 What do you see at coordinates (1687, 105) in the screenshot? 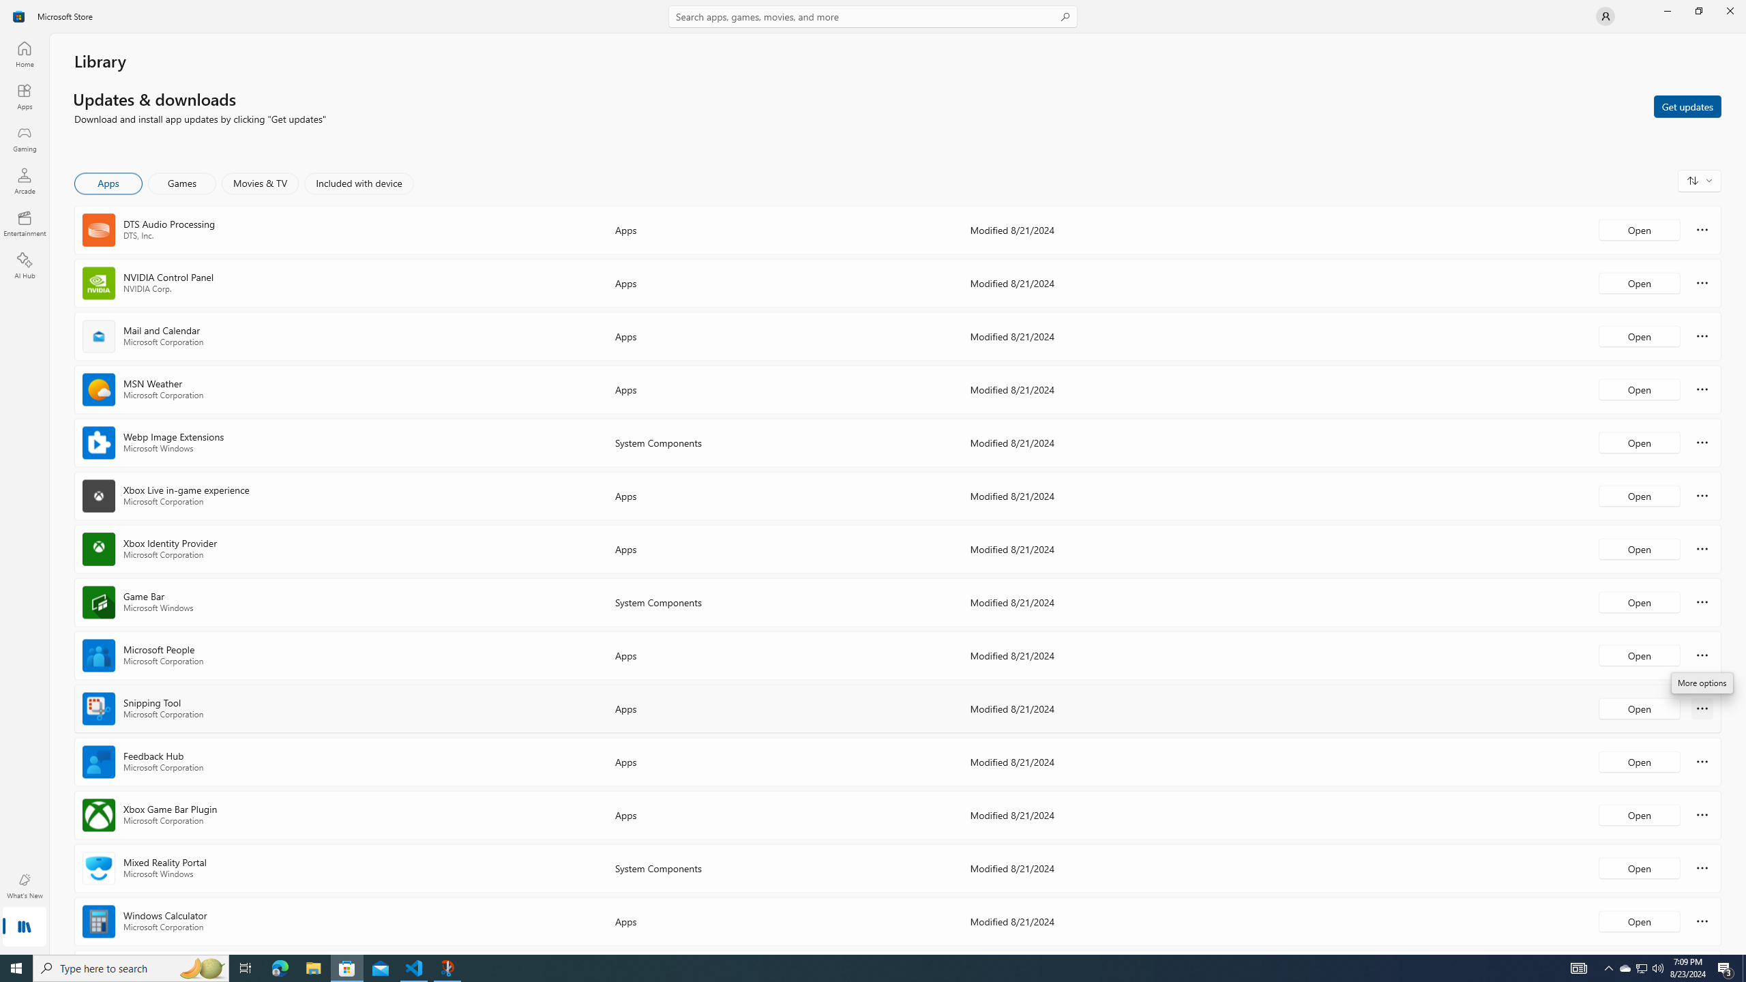
I see `'Get updates'` at bounding box center [1687, 105].